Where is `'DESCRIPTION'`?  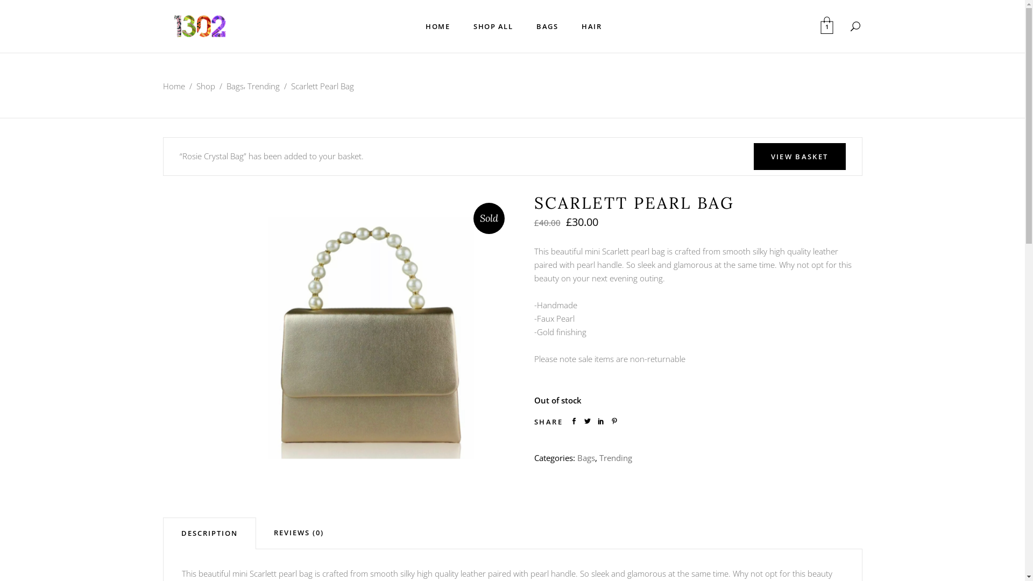 'DESCRIPTION' is located at coordinates (209, 533).